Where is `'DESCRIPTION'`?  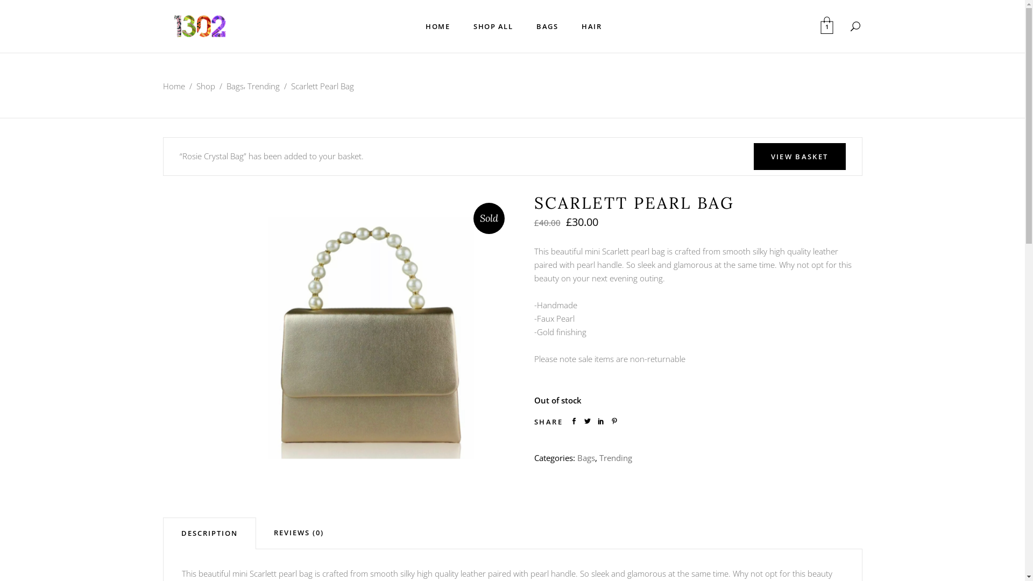 'DESCRIPTION' is located at coordinates (209, 533).